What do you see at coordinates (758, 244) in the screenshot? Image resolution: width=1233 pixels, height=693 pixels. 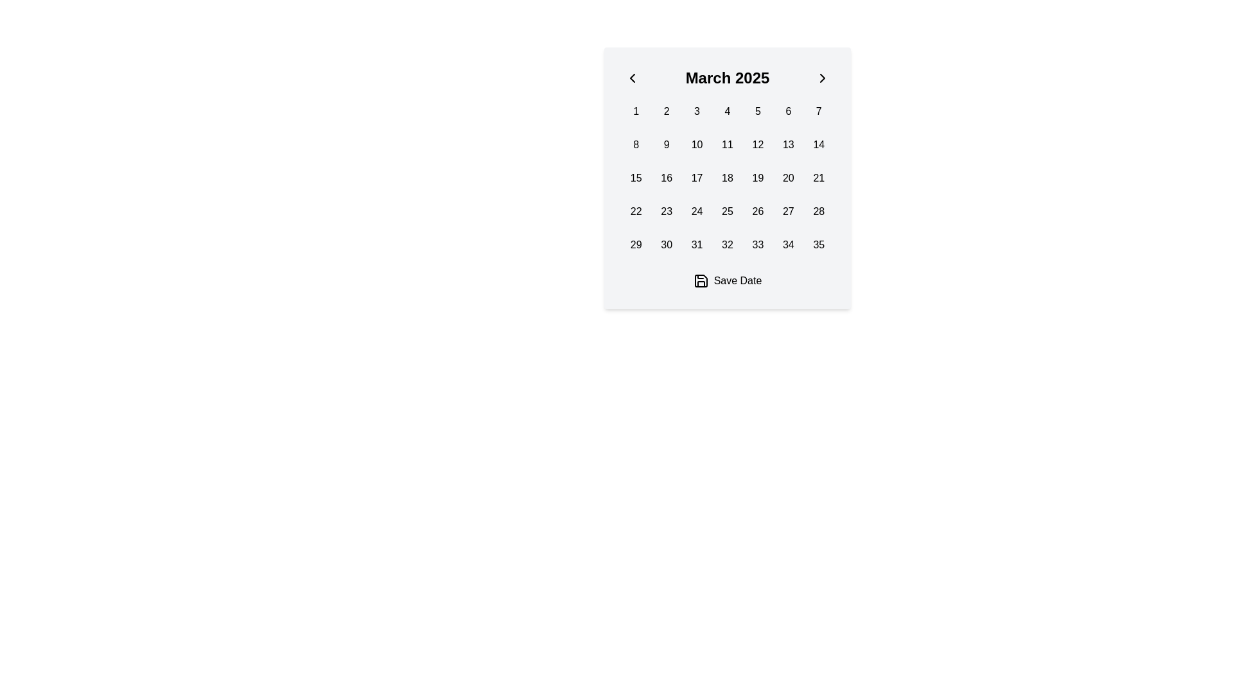 I see `the button labeled '33' in the last row and fifth column of the calendar-like interface` at bounding box center [758, 244].